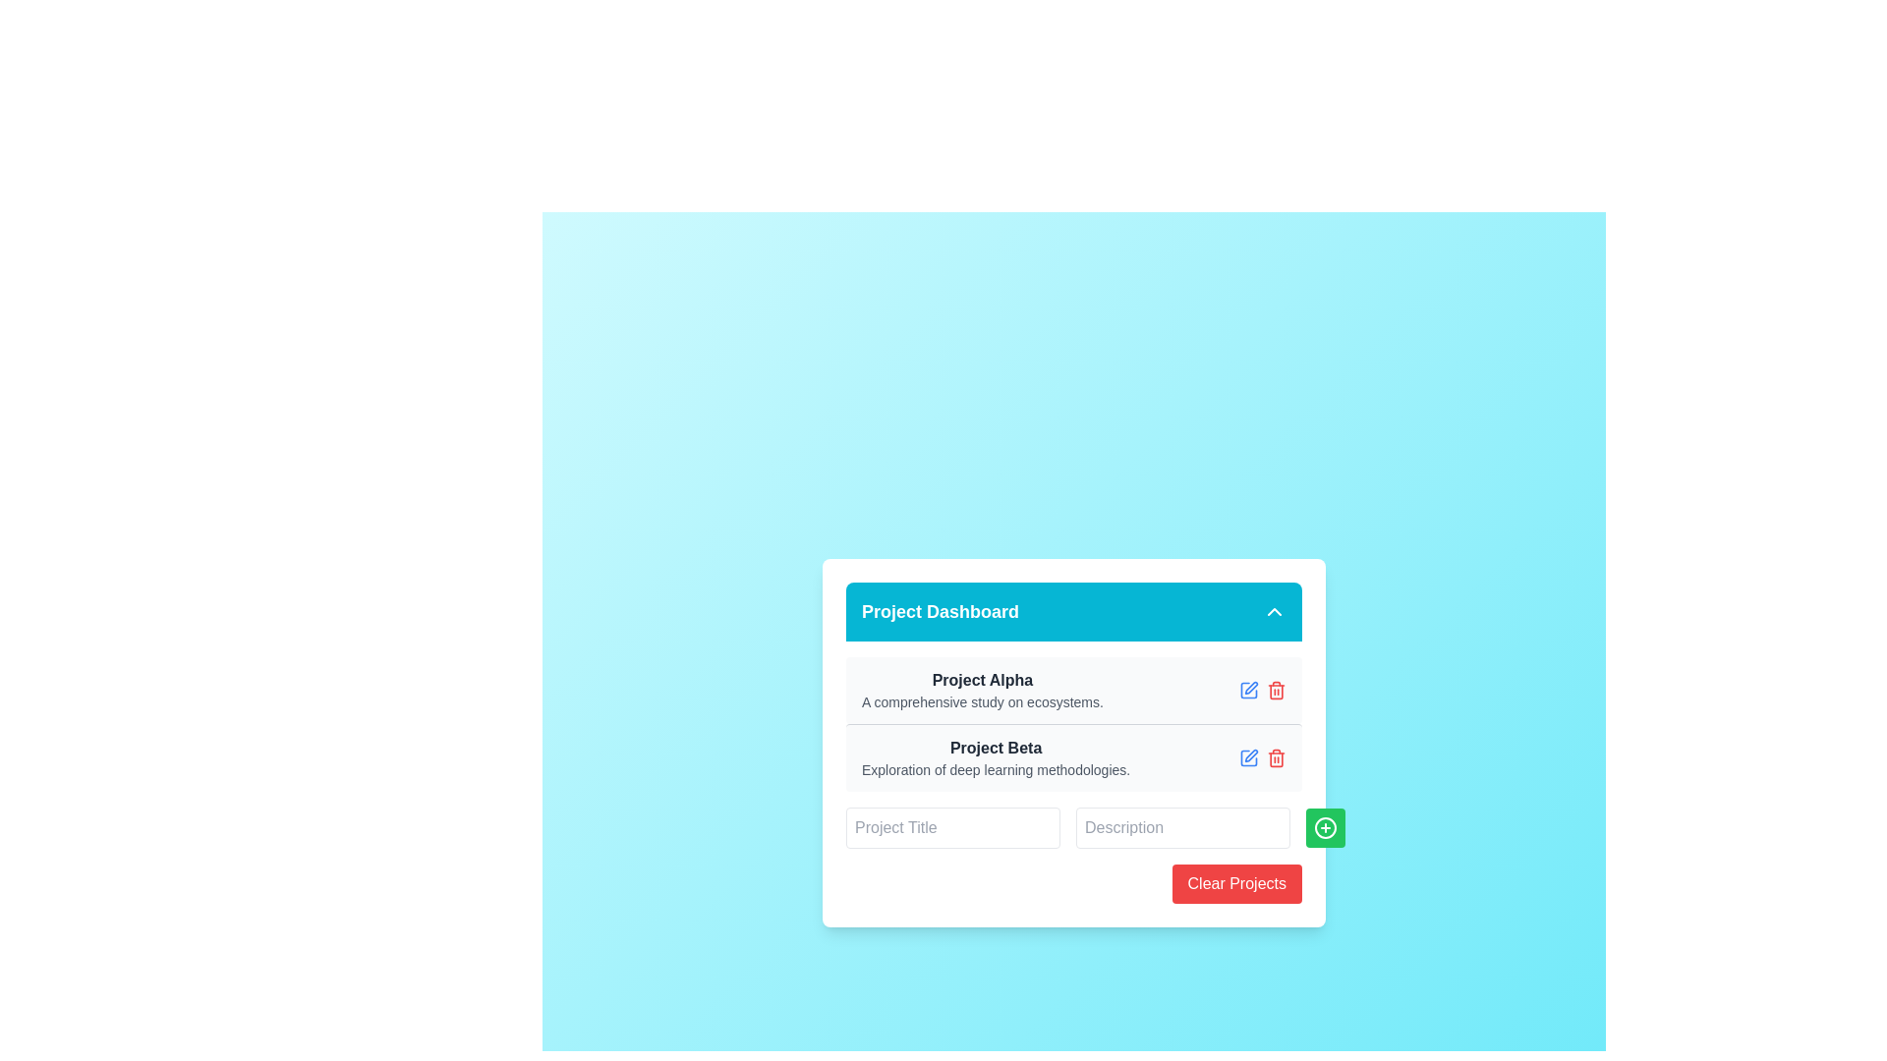 Image resolution: width=1887 pixels, height=1061 pixels. What do you see at coordinates (1277, 689) in the screenshot?
I see `the red trash icon button located to the right of the 'Project Beta' entry in the 'Project Dashboard' interface` at bounding box center [1277, 689].